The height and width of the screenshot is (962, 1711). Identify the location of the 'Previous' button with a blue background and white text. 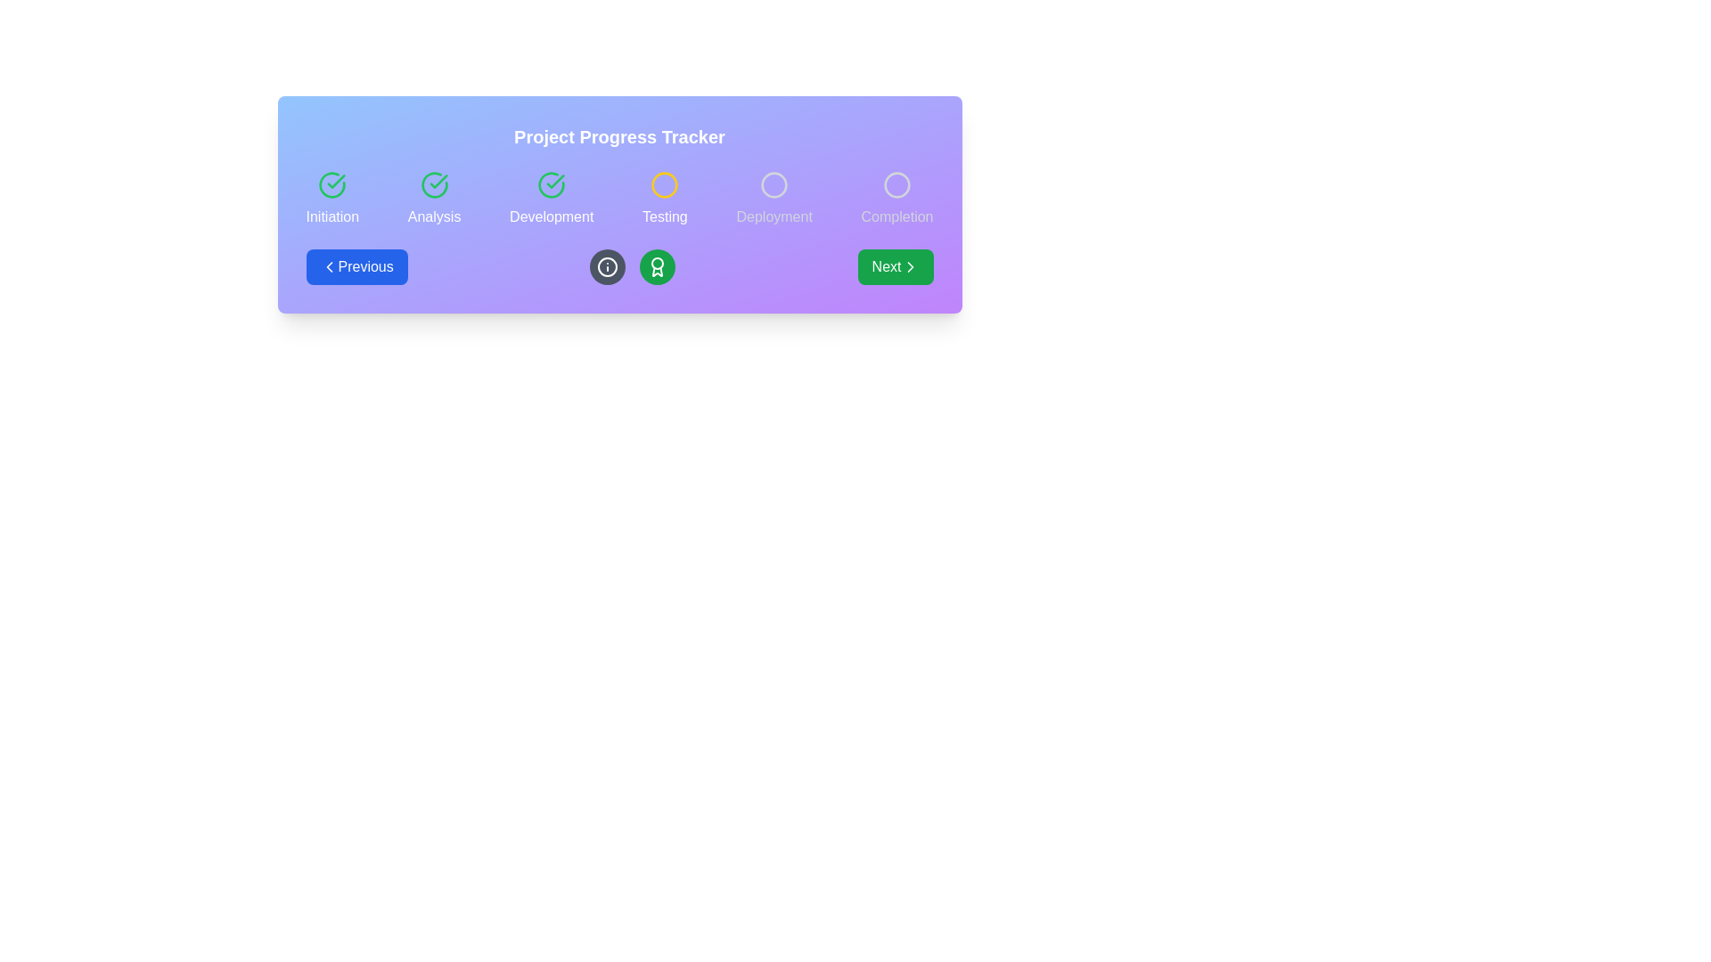
(356, 267).